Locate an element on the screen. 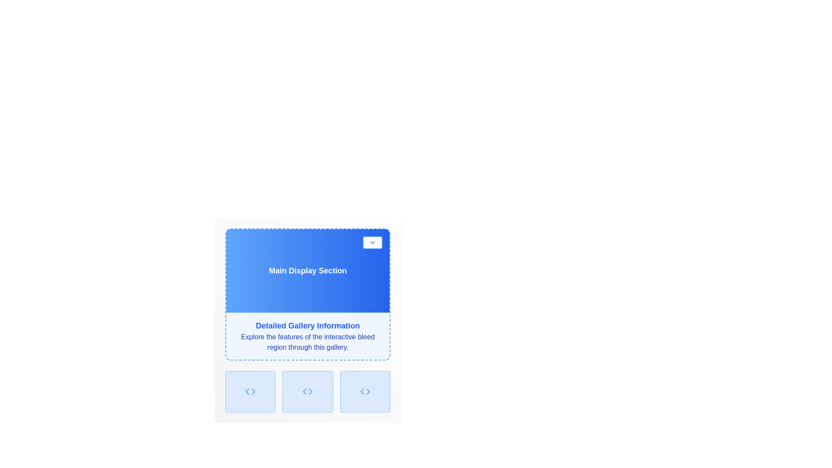 Image resolution: width=832 pixels, height=468 pixels. the toggle button located in the upper-right corner of the 'Main Display Section' is located at coordinates (372, 242).